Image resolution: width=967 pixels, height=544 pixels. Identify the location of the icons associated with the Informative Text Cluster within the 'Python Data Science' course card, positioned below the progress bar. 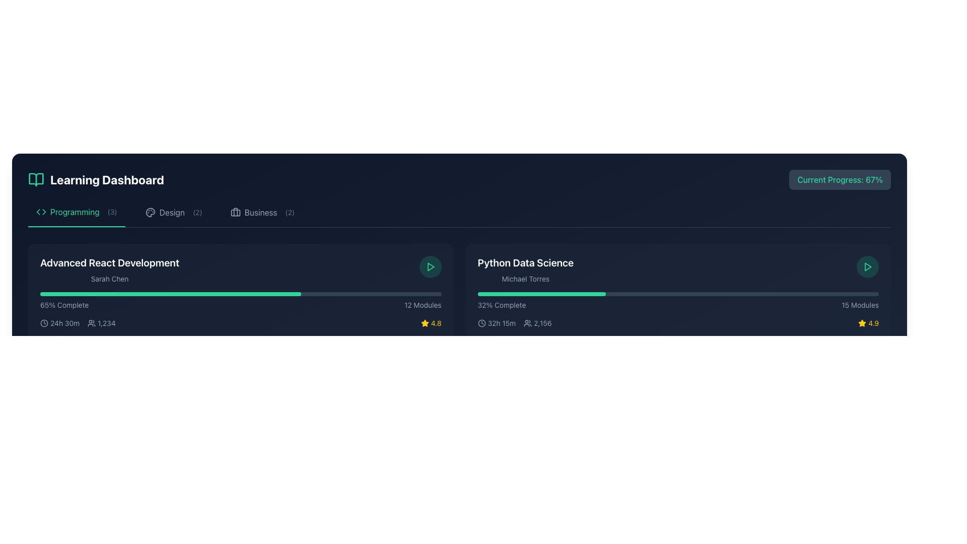
(515, 323).